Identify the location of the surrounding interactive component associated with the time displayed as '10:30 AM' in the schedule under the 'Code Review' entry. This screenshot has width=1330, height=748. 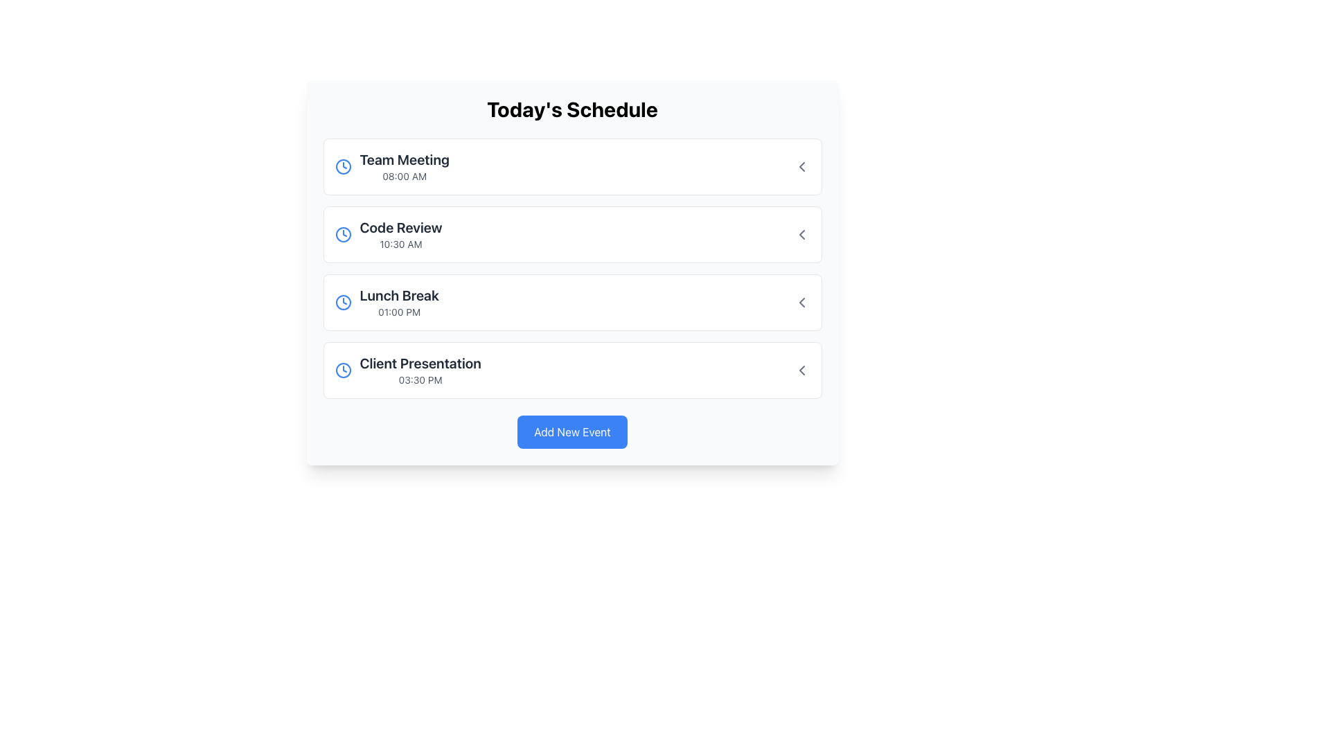
(400, 244).